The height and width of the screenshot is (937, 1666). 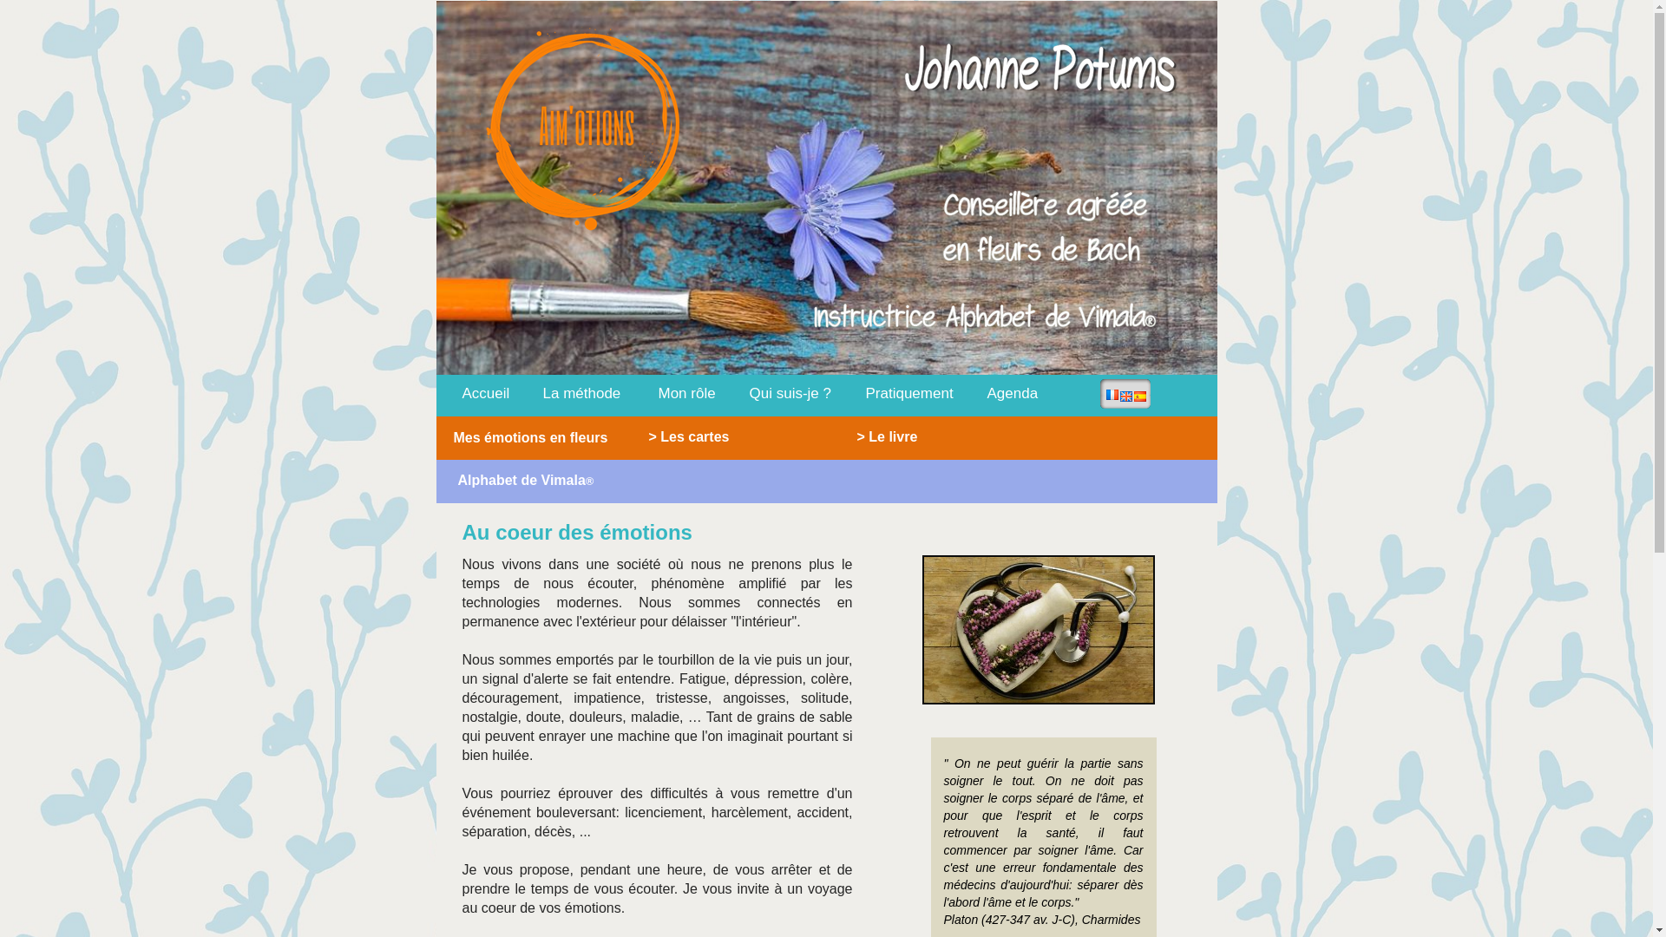 I want to click on 'Accueil', so click(x=479, y=392).